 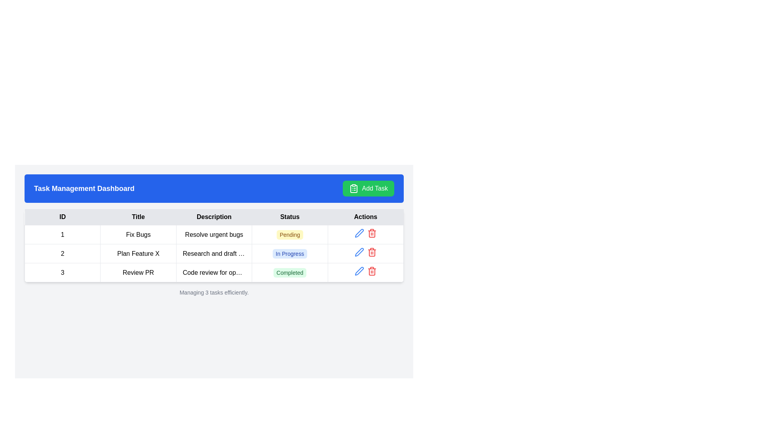 I want to click on text 'Description' from the Table Header element, which is the third column header in the table, located at the center-top area with bold styling, so click(x=214, y=217).